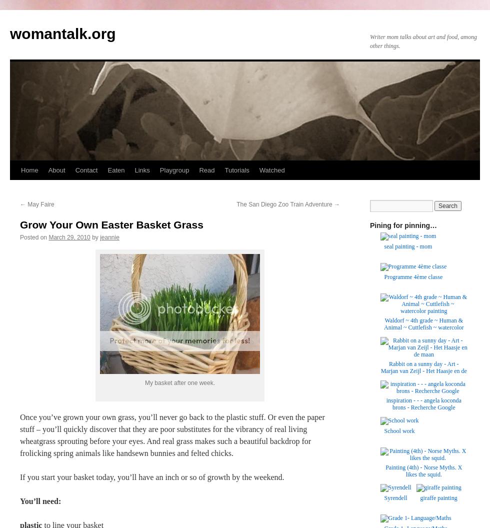 This screenshot has height=528, width=490. What do you see at coordinates (423, 404) in the screenshot?
I see `'inspiration - - - angela koconda brons - Recherche Google'` at bounding box center [423, 404].